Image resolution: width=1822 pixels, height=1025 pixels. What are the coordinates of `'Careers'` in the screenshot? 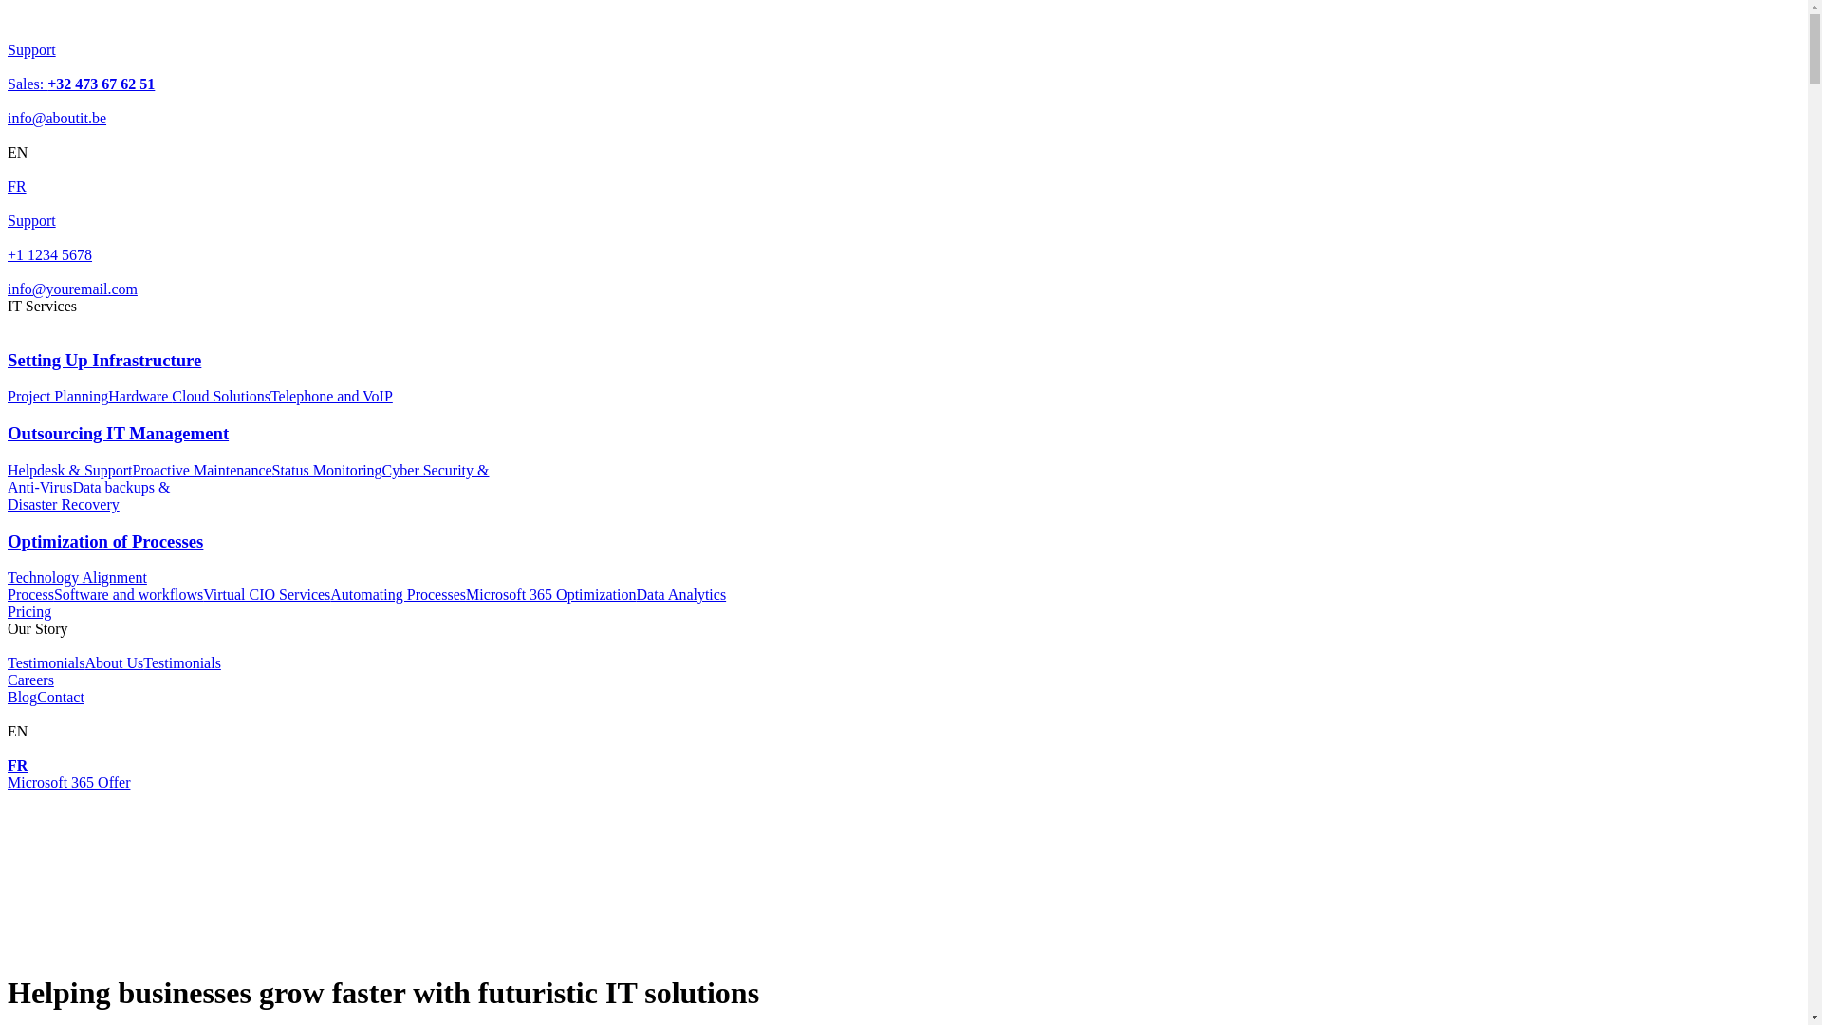 It's located at (30, 679).